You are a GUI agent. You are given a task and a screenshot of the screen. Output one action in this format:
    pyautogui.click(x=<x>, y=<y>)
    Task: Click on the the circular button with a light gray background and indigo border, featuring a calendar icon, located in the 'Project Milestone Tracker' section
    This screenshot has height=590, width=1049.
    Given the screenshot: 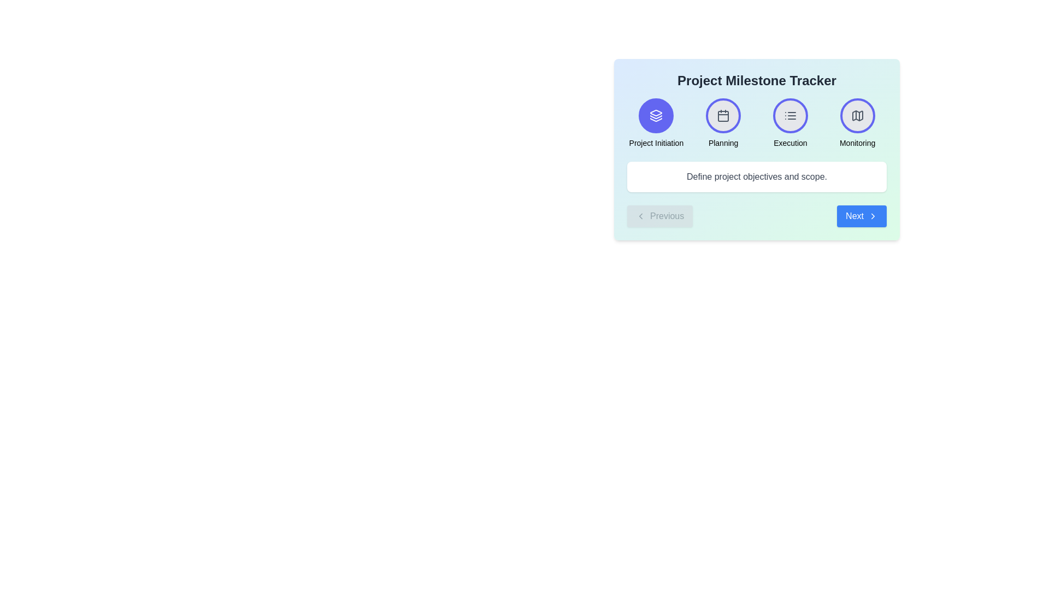 What is the action you would take?
    pyautogui.click(x=723, y=116)
    